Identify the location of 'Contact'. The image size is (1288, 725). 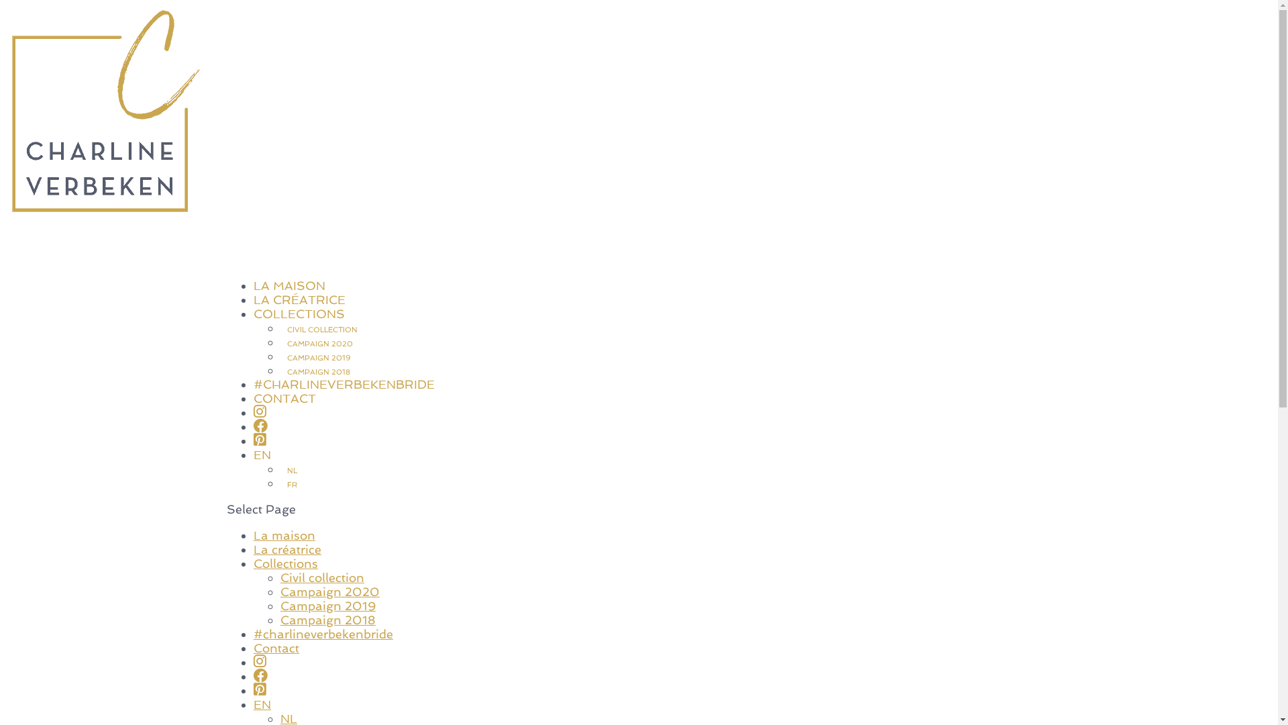
(276, 647).